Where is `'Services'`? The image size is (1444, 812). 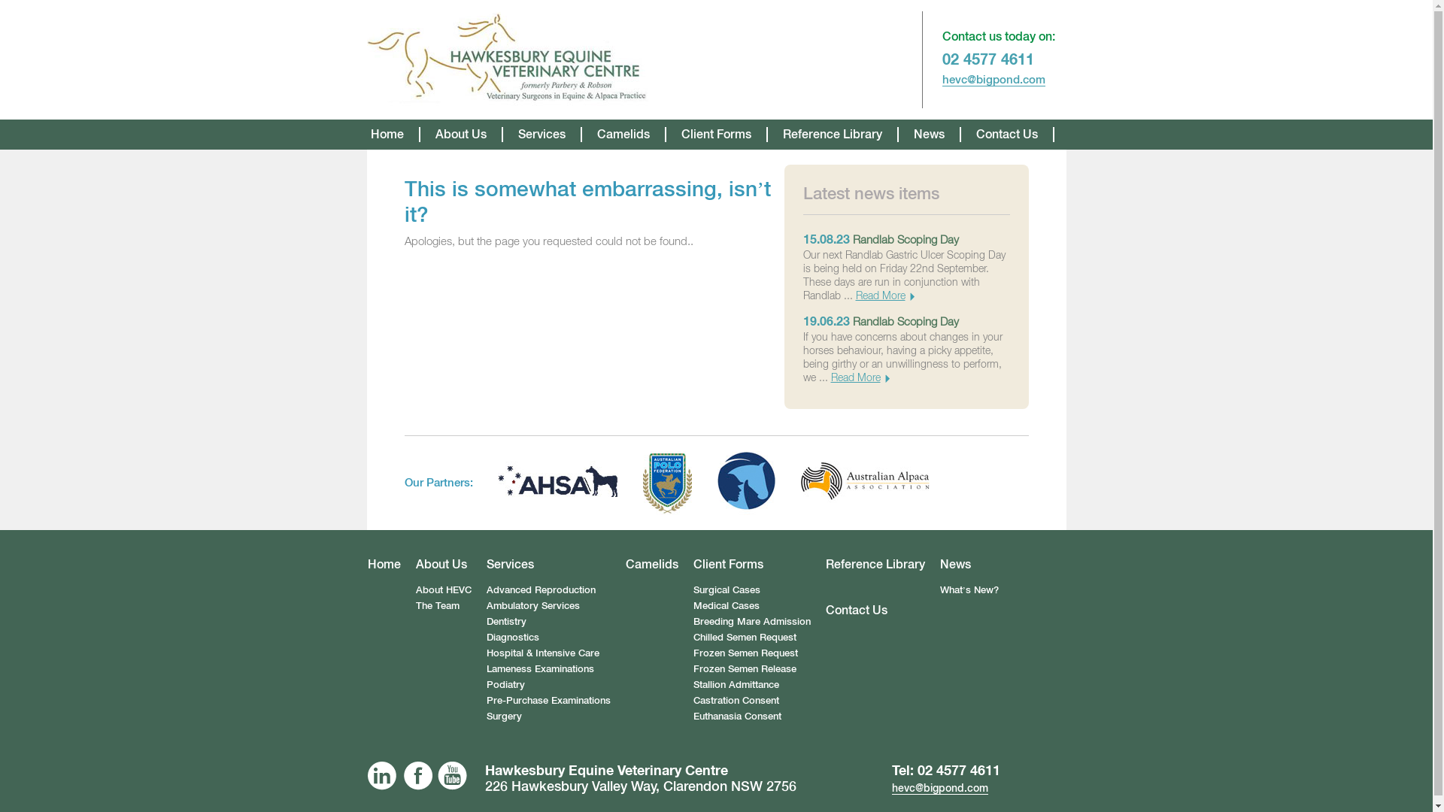 'Services' is located at coordinates (548, 565).